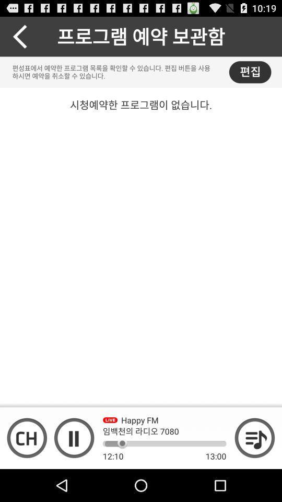 The height and width of the screenshot is (502, 282). I want to click on the arrow_backward icon, so click(20, 39).